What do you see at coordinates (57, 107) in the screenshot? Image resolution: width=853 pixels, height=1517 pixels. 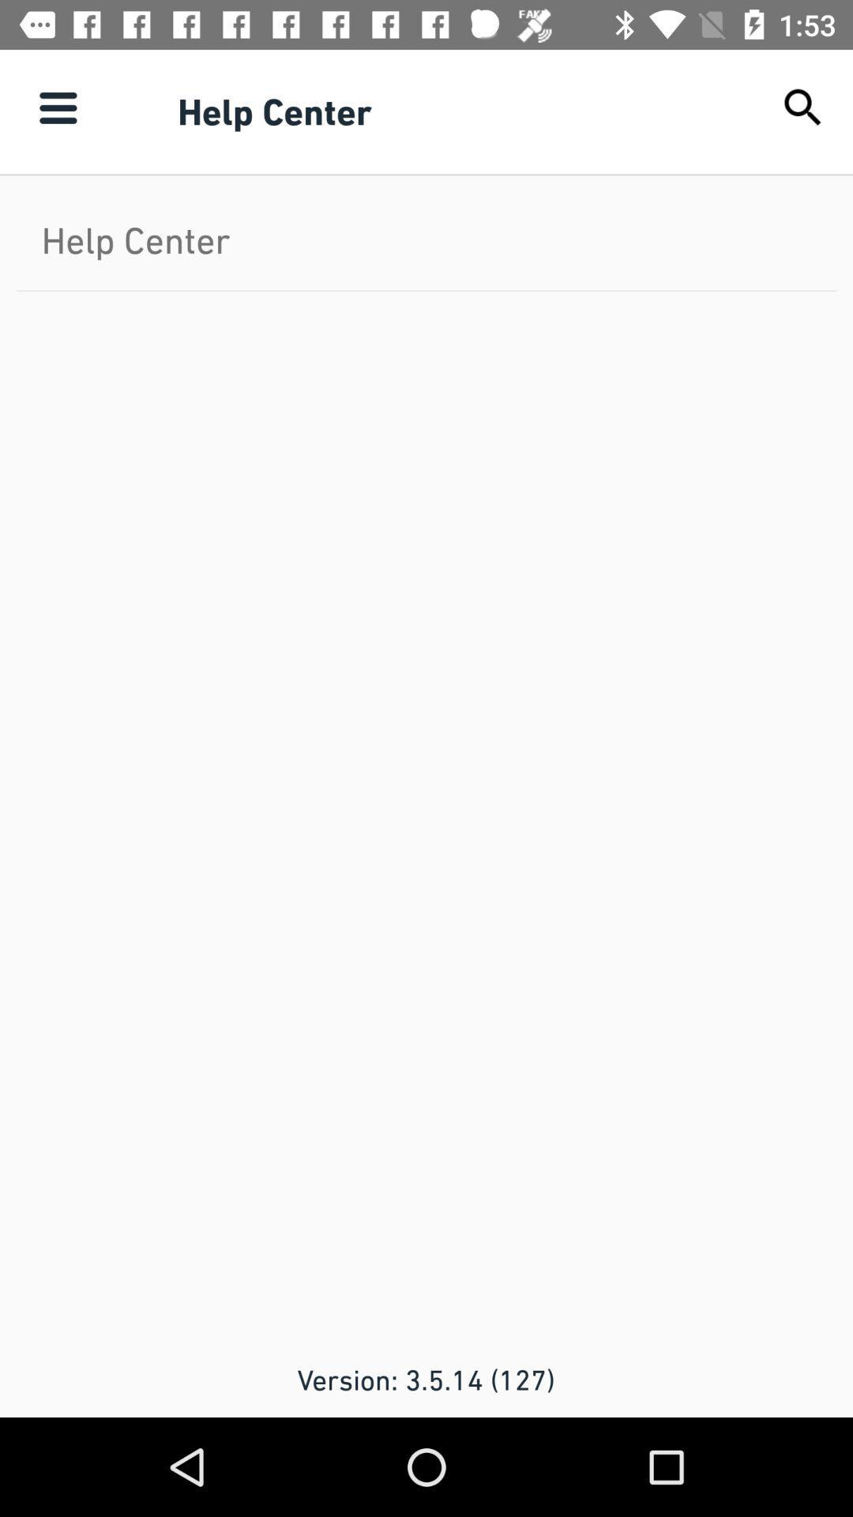 I see `the item above the help center item` at bounding box center [57, 107].